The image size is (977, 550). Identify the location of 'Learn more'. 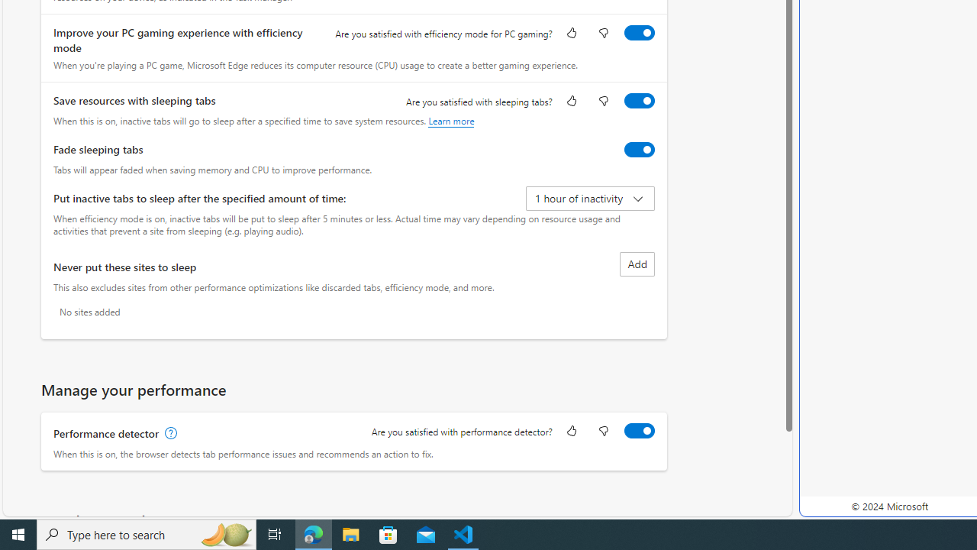
(450, 120).